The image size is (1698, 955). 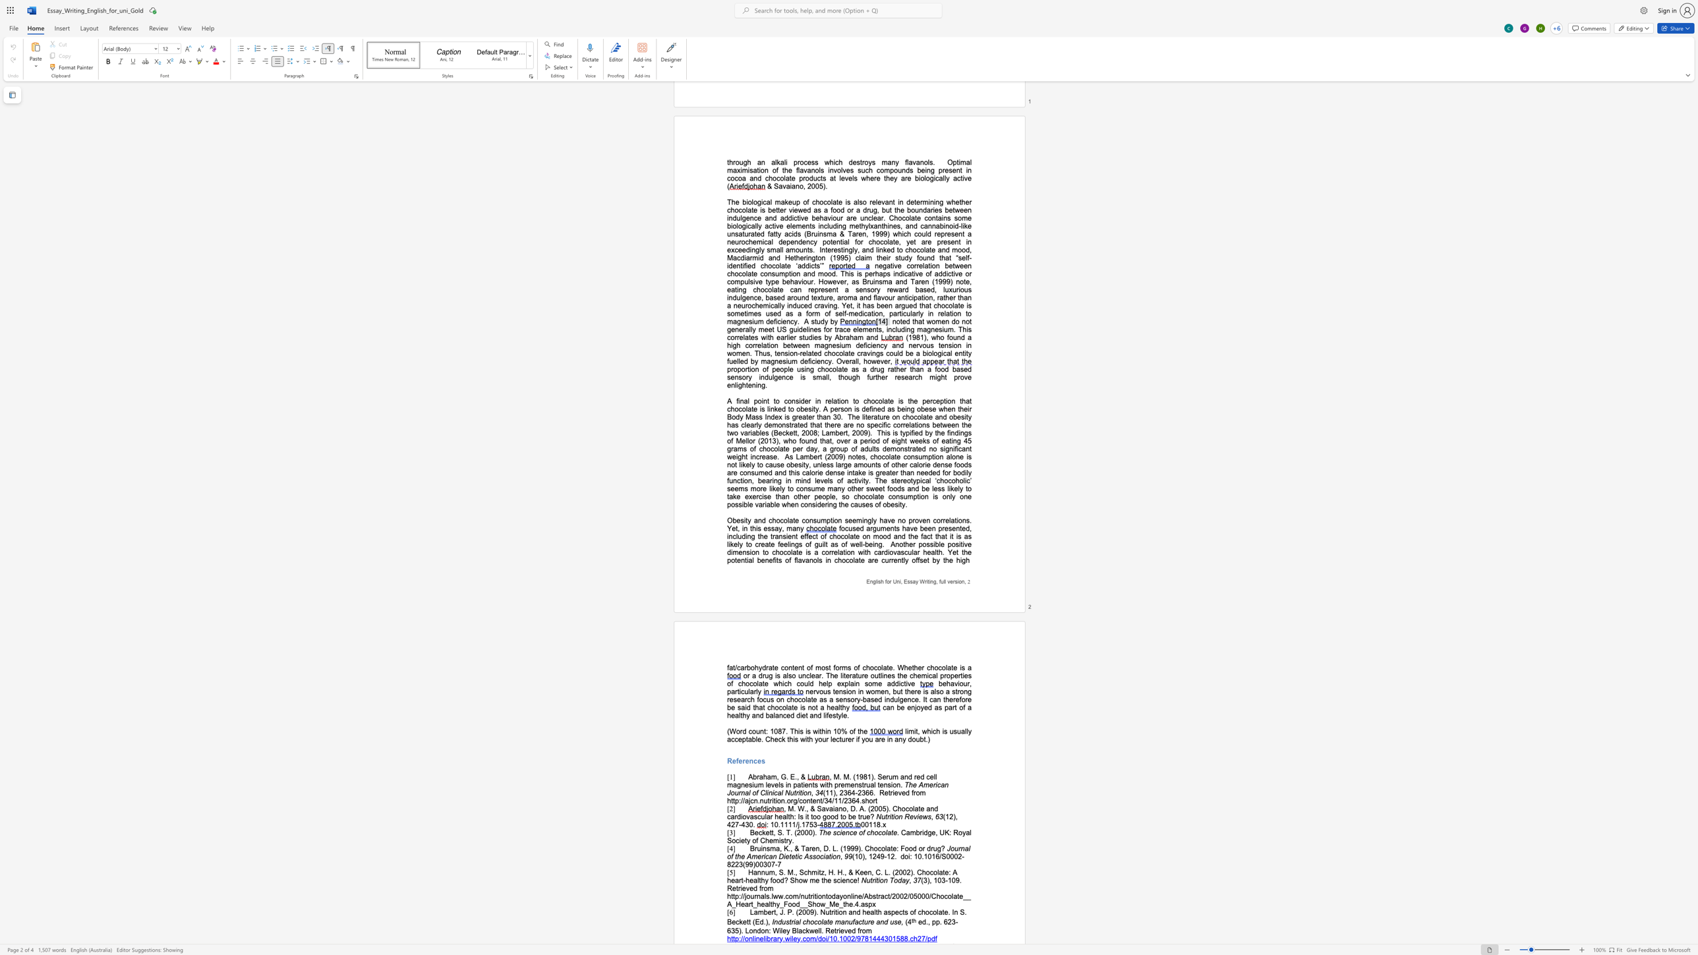 What do you see at coordinates (860, 519) in the screenshot?
I see `the space between the continuous character "m" and "i" in the text` at bounding box center [860, 519].